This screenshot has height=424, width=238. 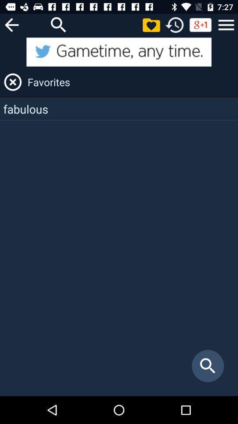 What do you see at coordinates (226, 24) in the screenshot?
I see `menu` at bounding box center [226, 24].